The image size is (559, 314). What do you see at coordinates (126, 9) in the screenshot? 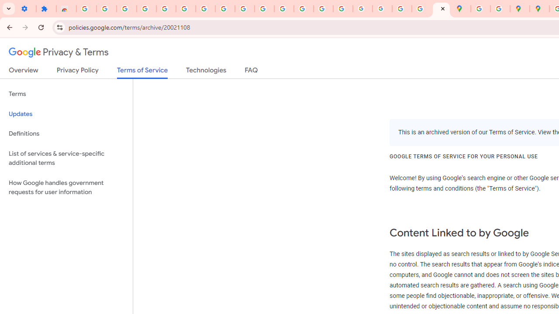
I see `'Delete photos & videos - Computer - Google Photos Help'` at bounding box center [126, 9].